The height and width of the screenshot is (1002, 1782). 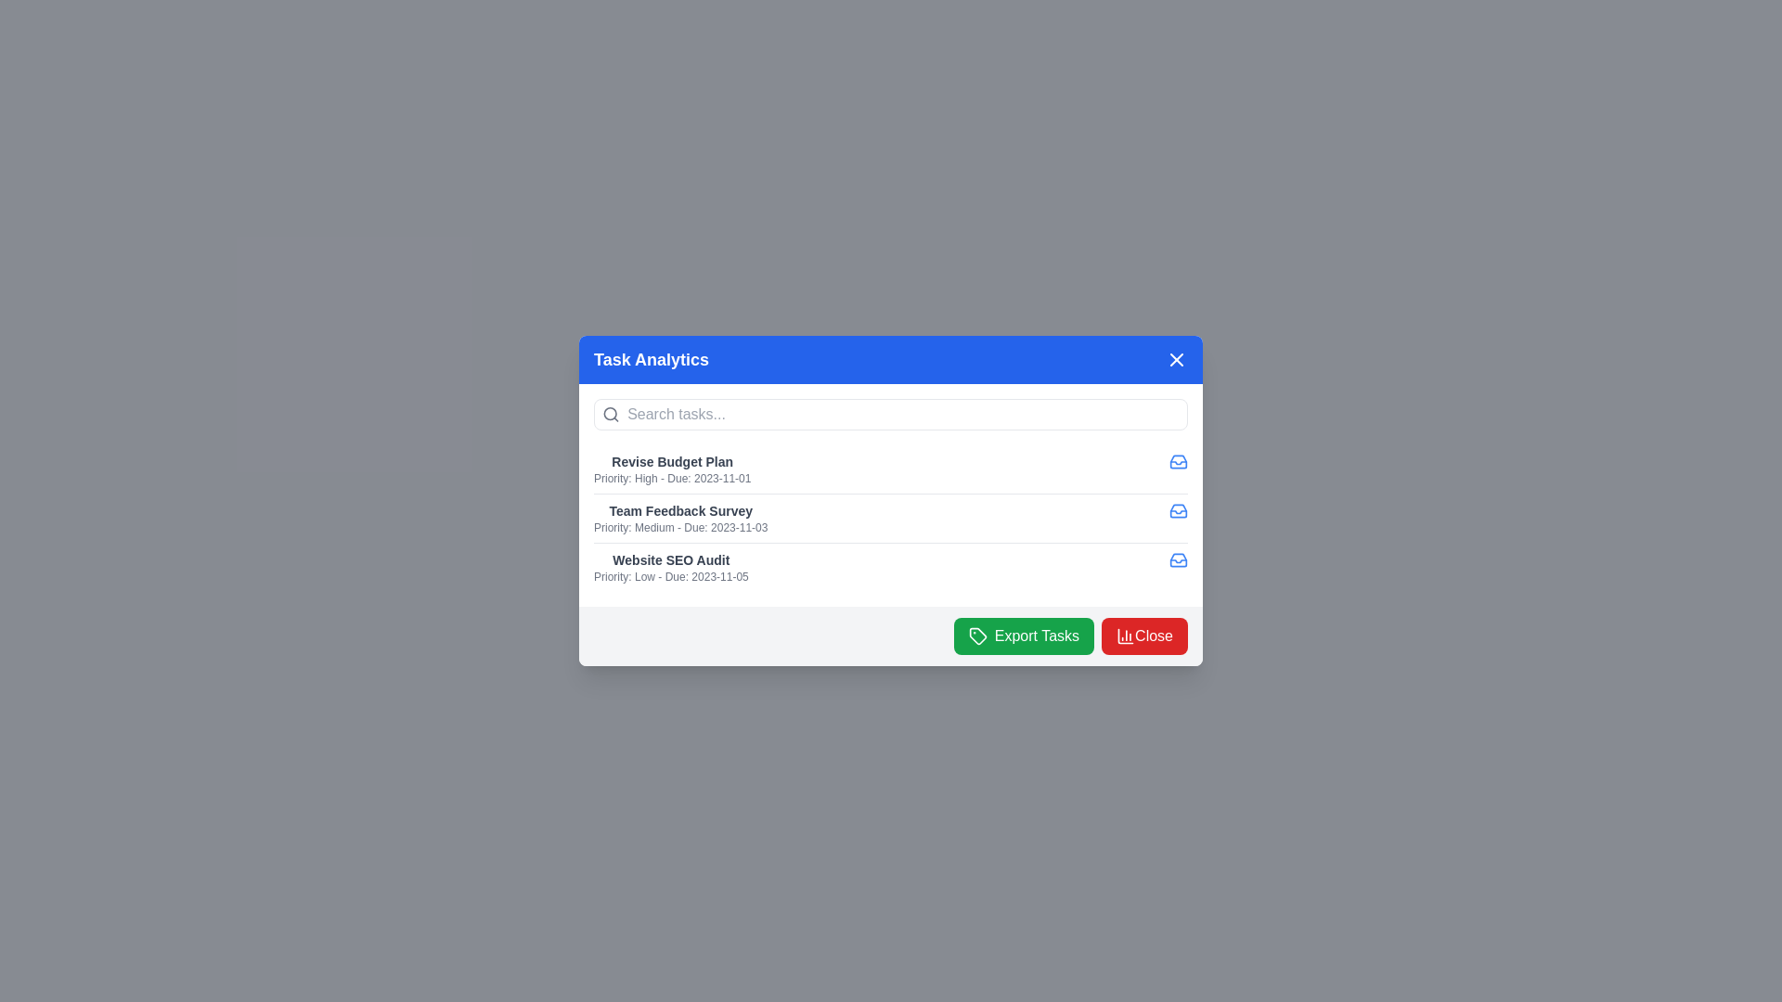 What do you see at coordinates (1023, 636) in the screenshot?
I see `the export button located in the bottom-right section of the modal for keyboard navigation` at bounding box center [1023, 636].